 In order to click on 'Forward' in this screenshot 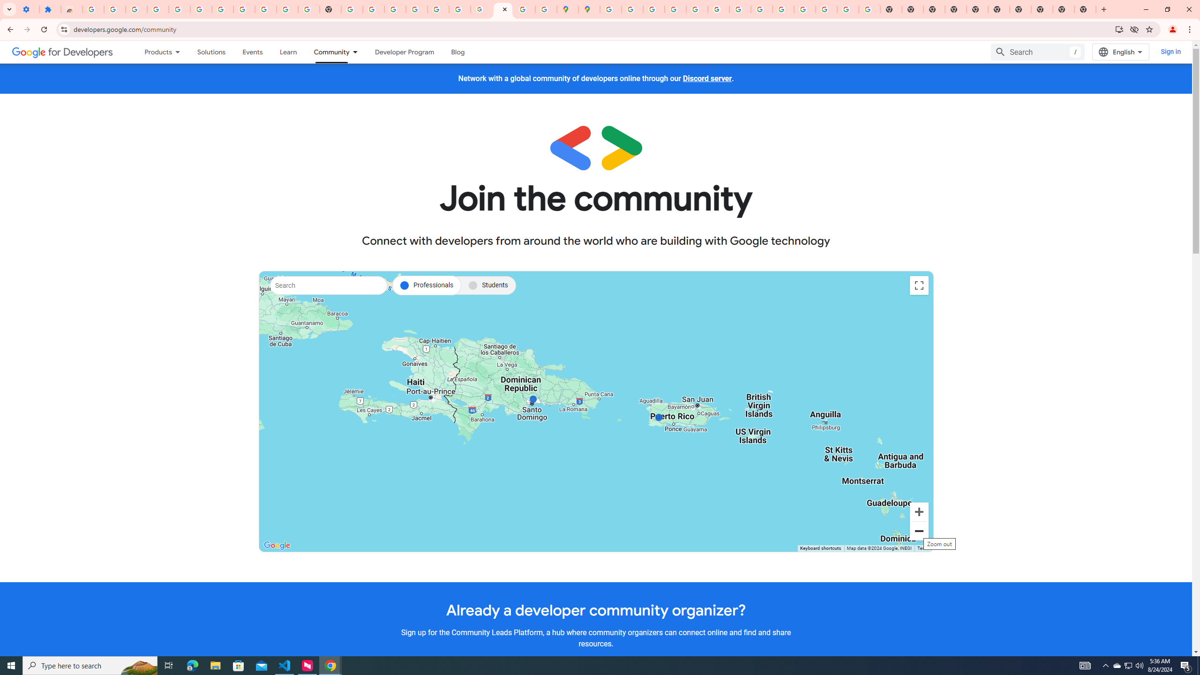, I will do `click(27, 29)`.